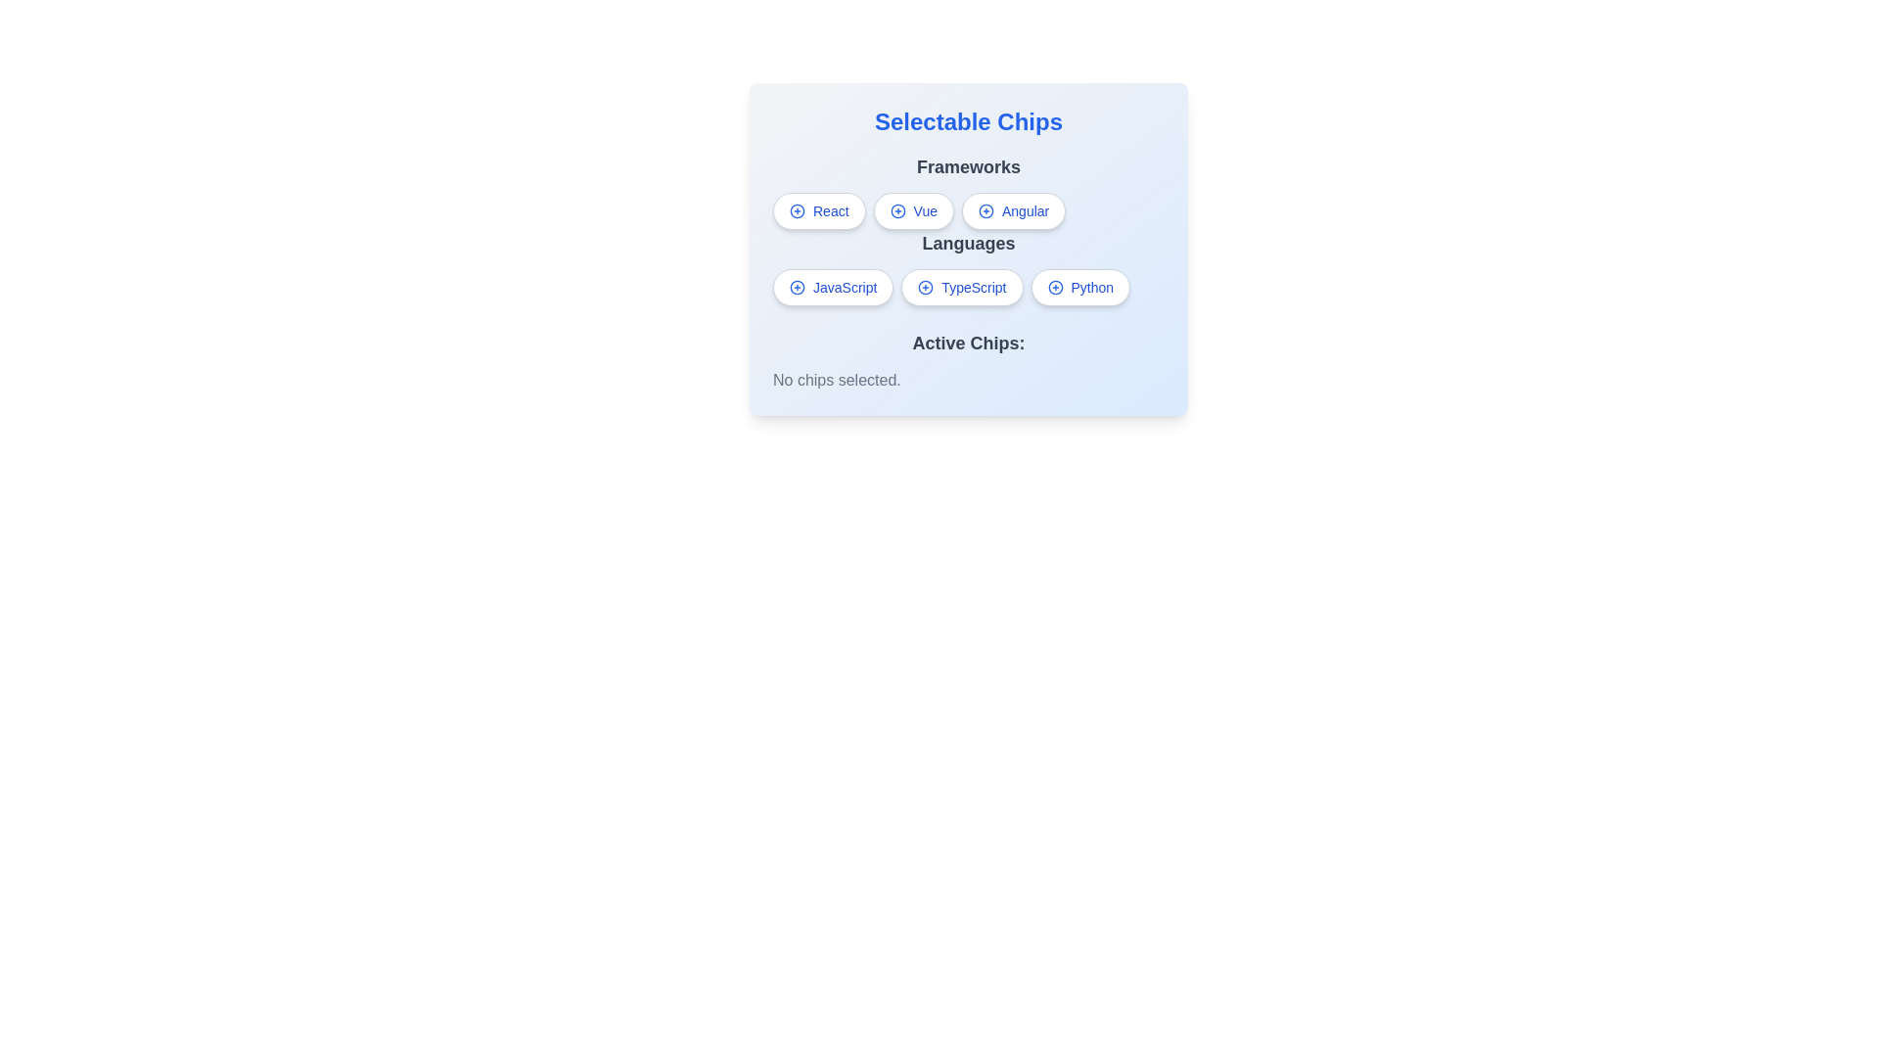 The width and height of the screenshot is (1879, 1057). I want to click on the third button in the language selection section, which allows users to select 'Python' as a language, so click(1079, 287).